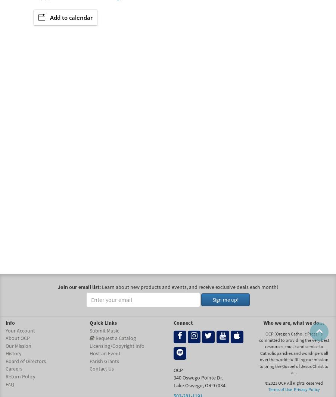  Describe the element at coordinates (17, 338) in the screenshot. I see `'About OCP'` at that location.